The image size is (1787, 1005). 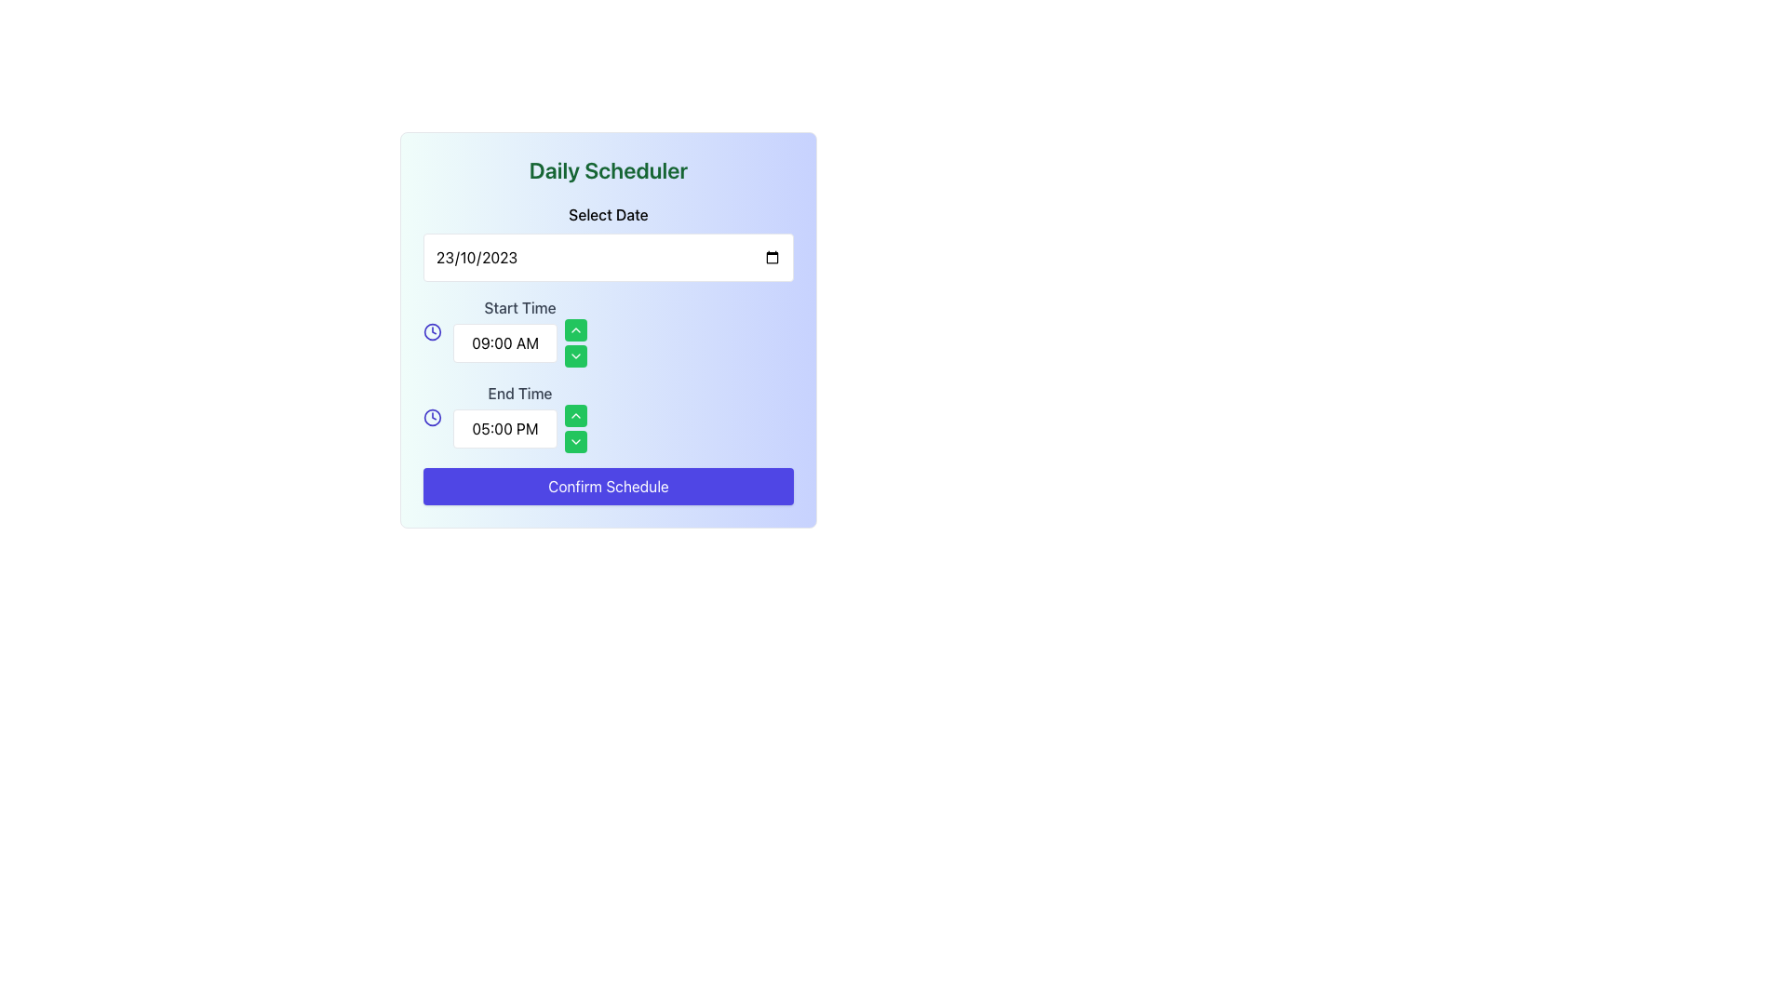 I want to click on the button to decrease the time value in the 'End Time' field, located to the right of the '05:00 PM' time field in the scheduling interface, so click(x=575, y=441).